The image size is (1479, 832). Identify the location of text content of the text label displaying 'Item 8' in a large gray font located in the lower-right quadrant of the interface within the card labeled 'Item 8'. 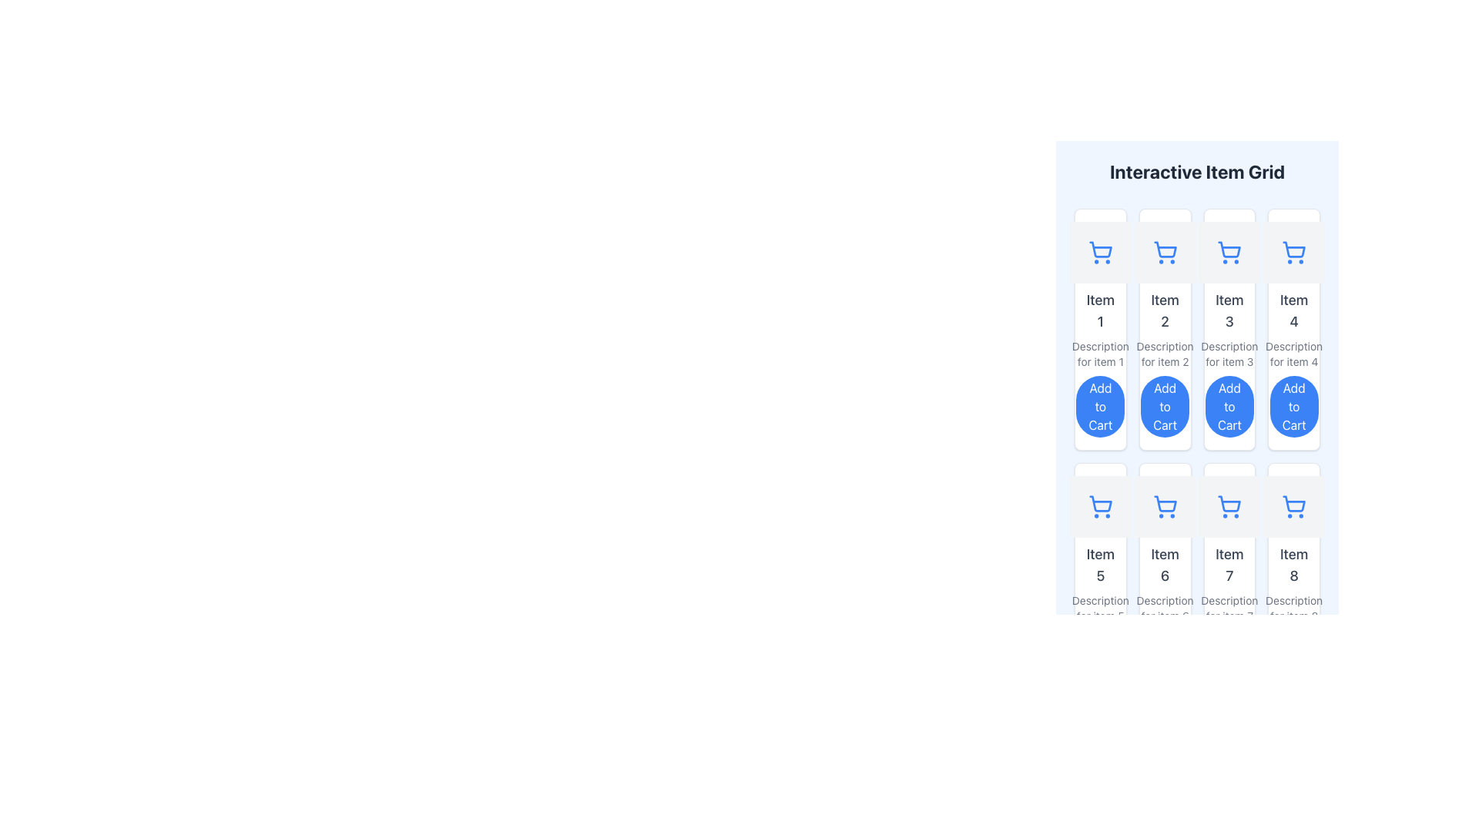
(1294, 565).